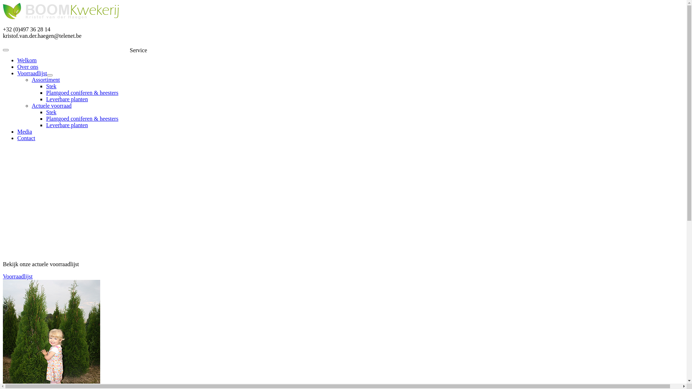 The width and height of the screenshot is (692, 389). Describe the element at coordinates (45, 80) in the screenshot. I see `'Assortiment'` at that location.